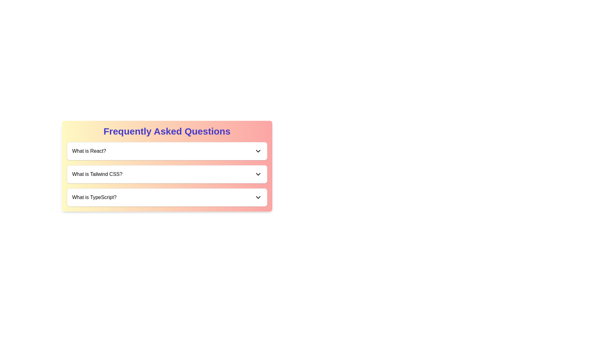 The image size is (601, 338). I want to click on the Dropdown Toggle Icon associated with the question 'What is React?', so click(258, 151).